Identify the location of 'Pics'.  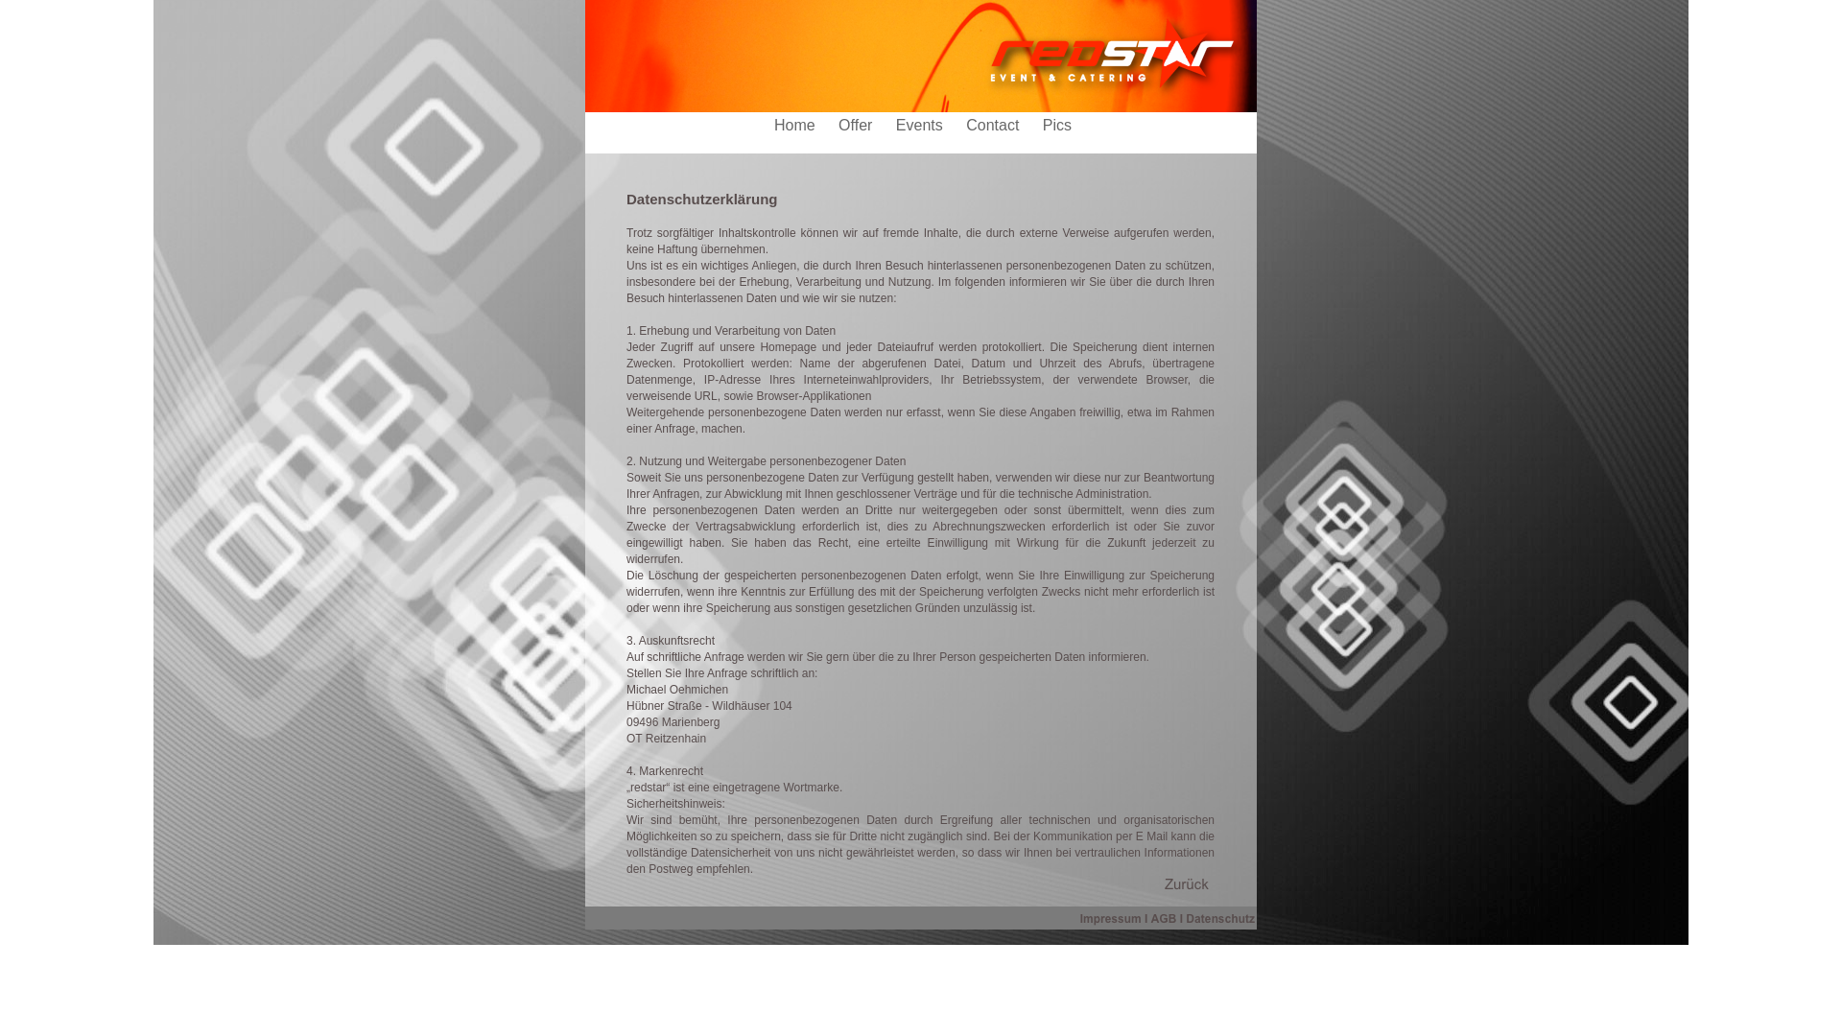
(1041, 125).